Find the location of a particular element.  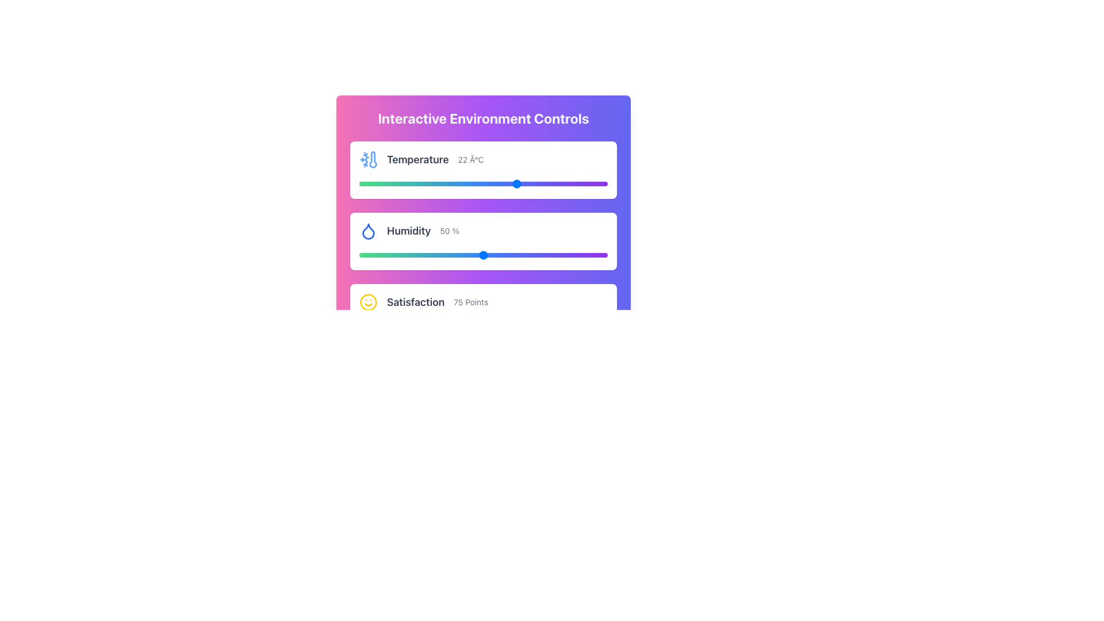

the blue droplet-shaped icon located to the left of the 'Humidity' label in the control interface is located at coordinates (369, 231).